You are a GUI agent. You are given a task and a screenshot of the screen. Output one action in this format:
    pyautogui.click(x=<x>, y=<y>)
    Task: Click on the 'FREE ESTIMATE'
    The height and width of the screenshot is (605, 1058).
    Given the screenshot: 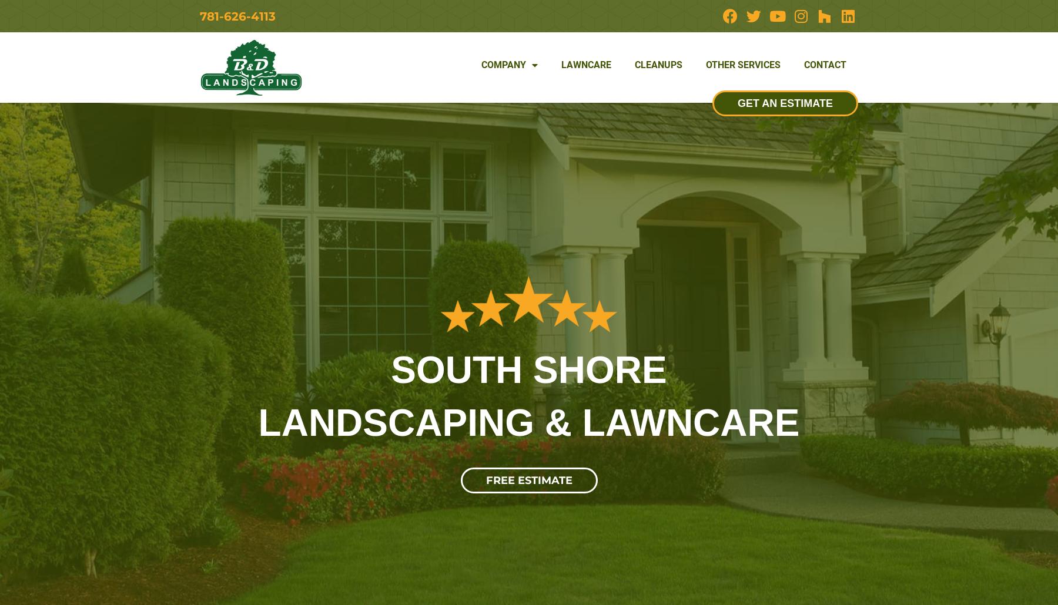 What is the action you would take?
    pyautogui.click(x=486, y=479)
    